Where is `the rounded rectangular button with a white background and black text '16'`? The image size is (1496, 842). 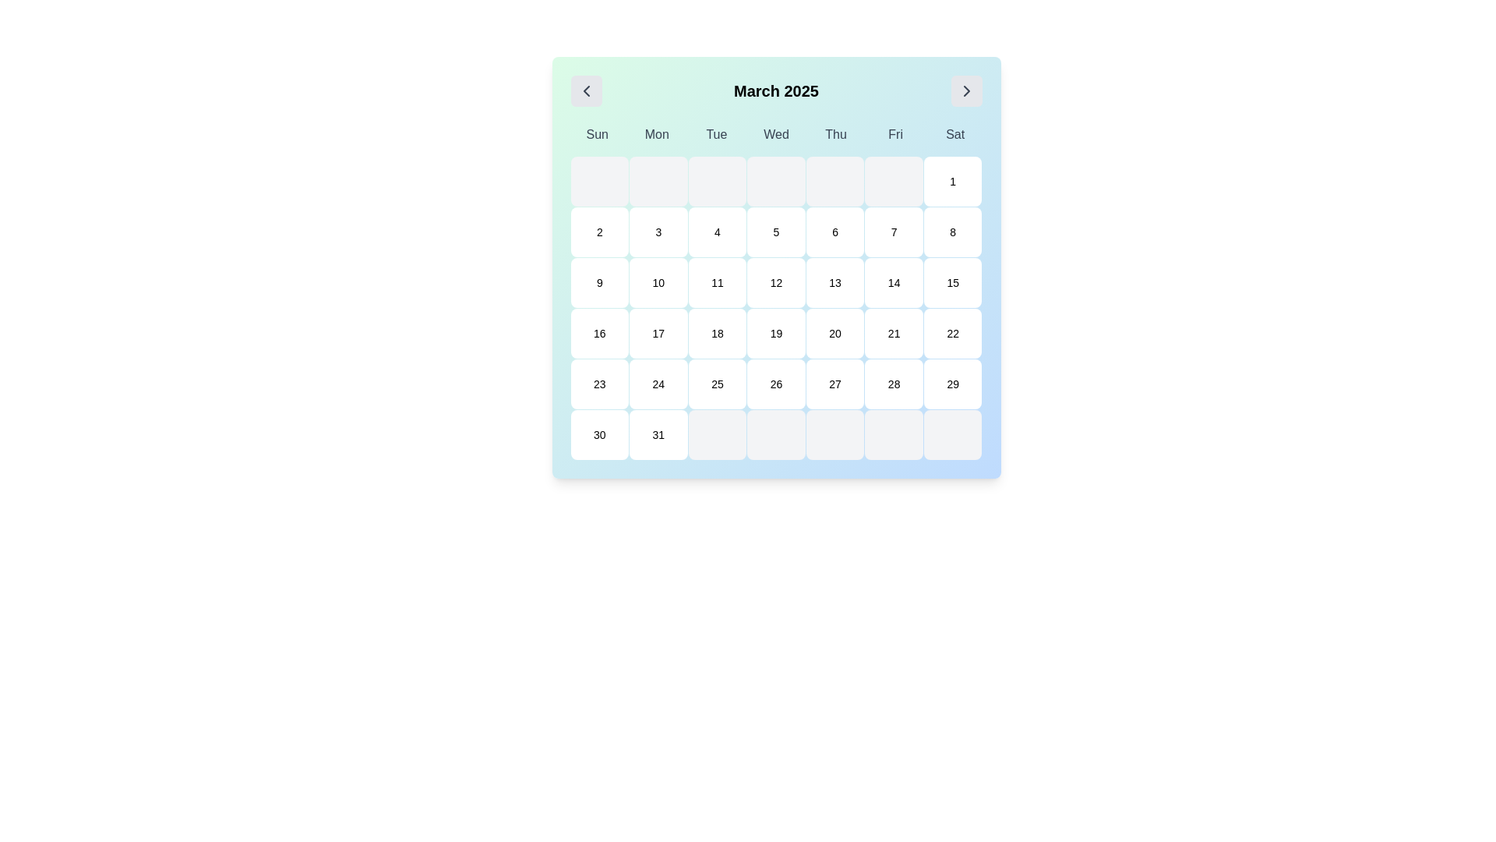
the rounded rectangular button with a white background and black text '16' is located at coordinates (598, 333).